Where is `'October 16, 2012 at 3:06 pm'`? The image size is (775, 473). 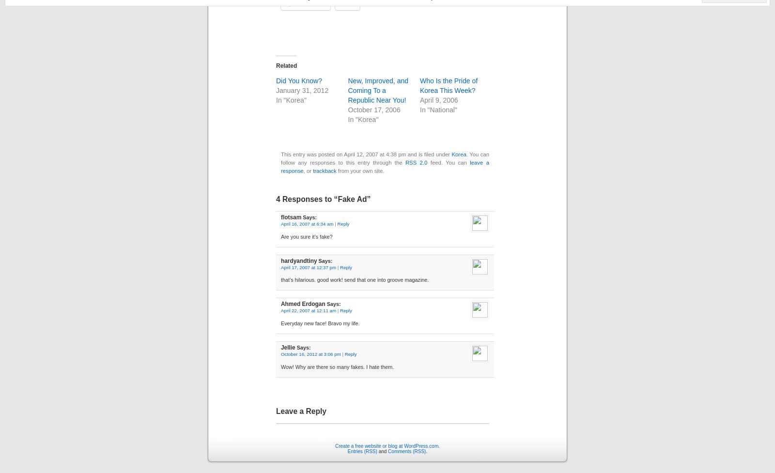
'October 16, 2012 at 3:06 pm' is located at coordinates (280, 354).